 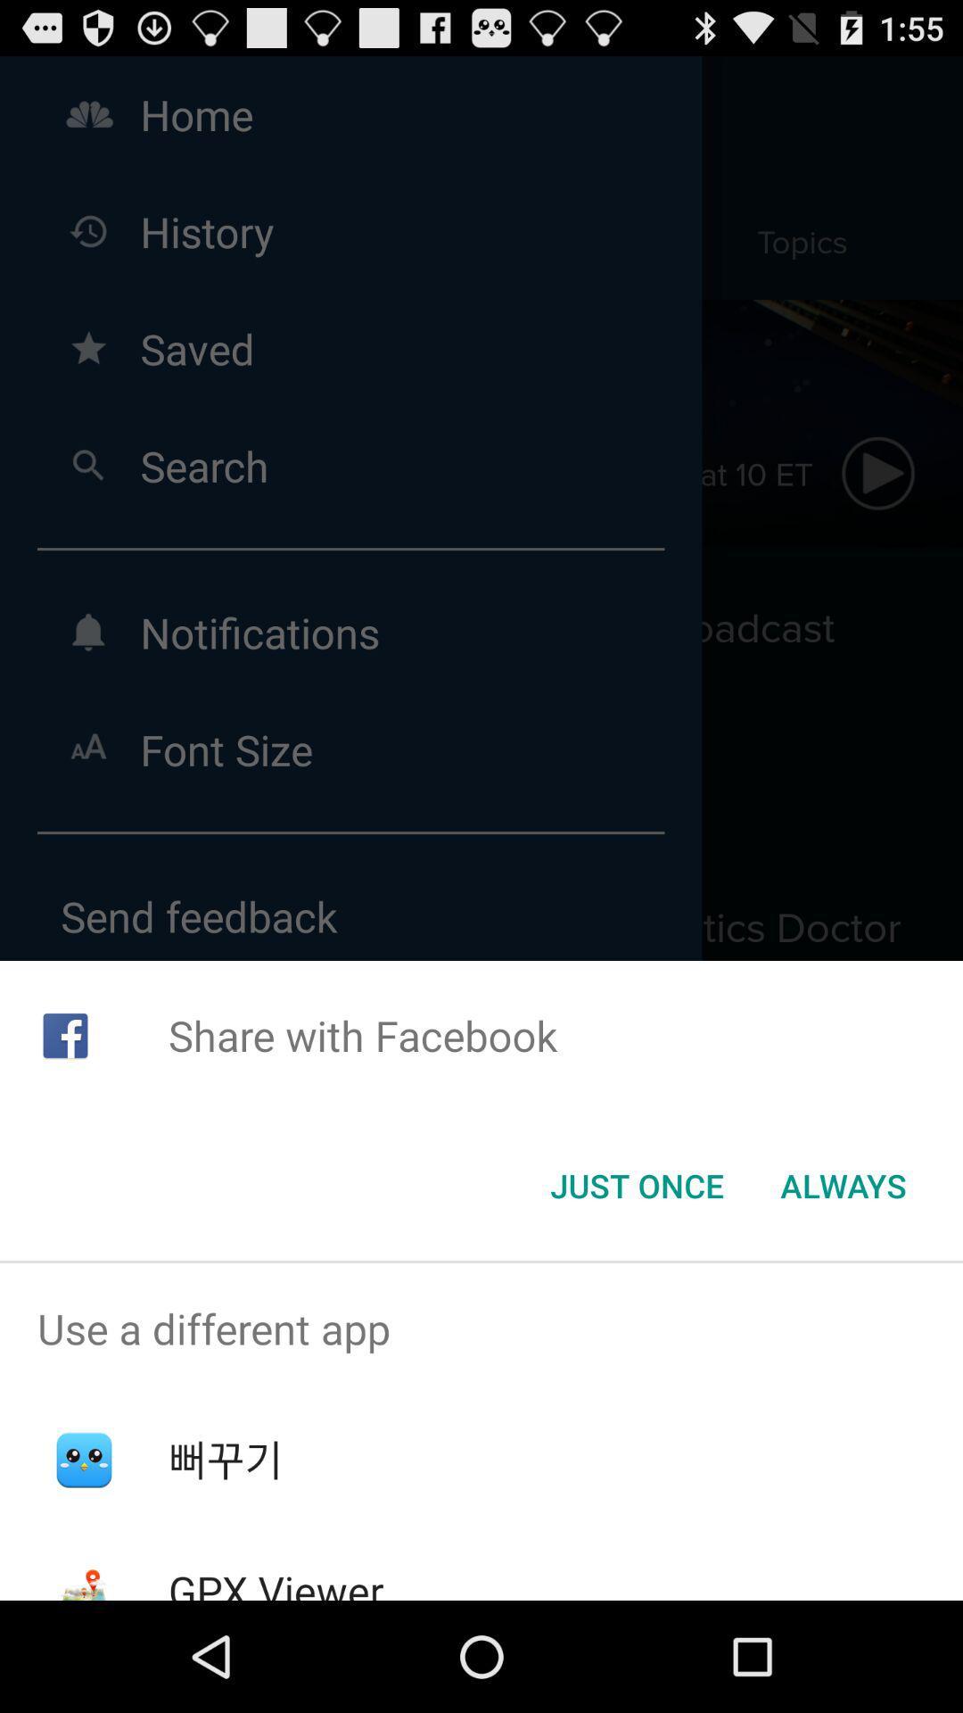 I want to click on the just once icon, so click(x=636, y=1186).